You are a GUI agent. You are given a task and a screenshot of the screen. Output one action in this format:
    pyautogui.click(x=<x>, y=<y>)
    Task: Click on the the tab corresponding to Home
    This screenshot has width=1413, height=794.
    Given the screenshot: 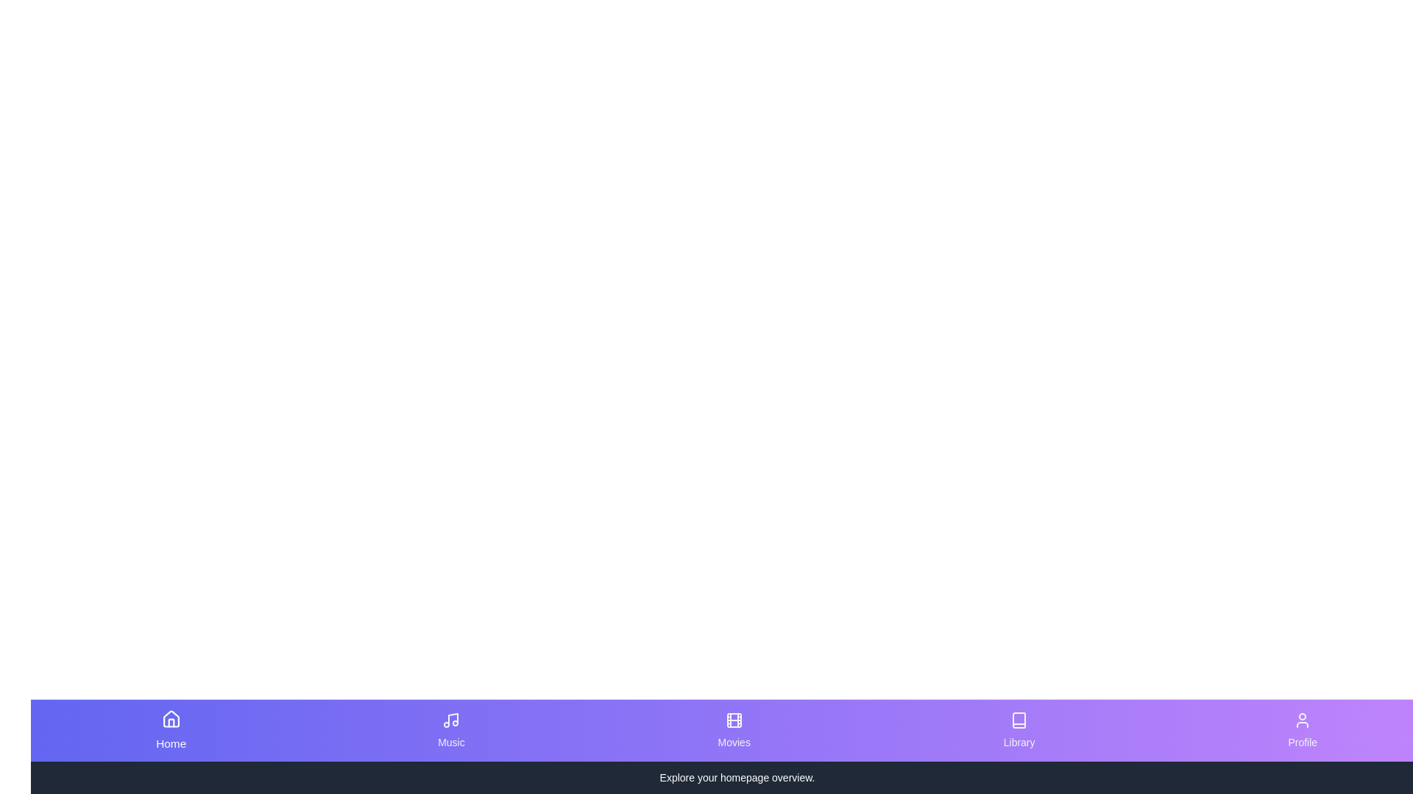 What is the action you would take?
    pyautogui.click(x=170, y=731)
    